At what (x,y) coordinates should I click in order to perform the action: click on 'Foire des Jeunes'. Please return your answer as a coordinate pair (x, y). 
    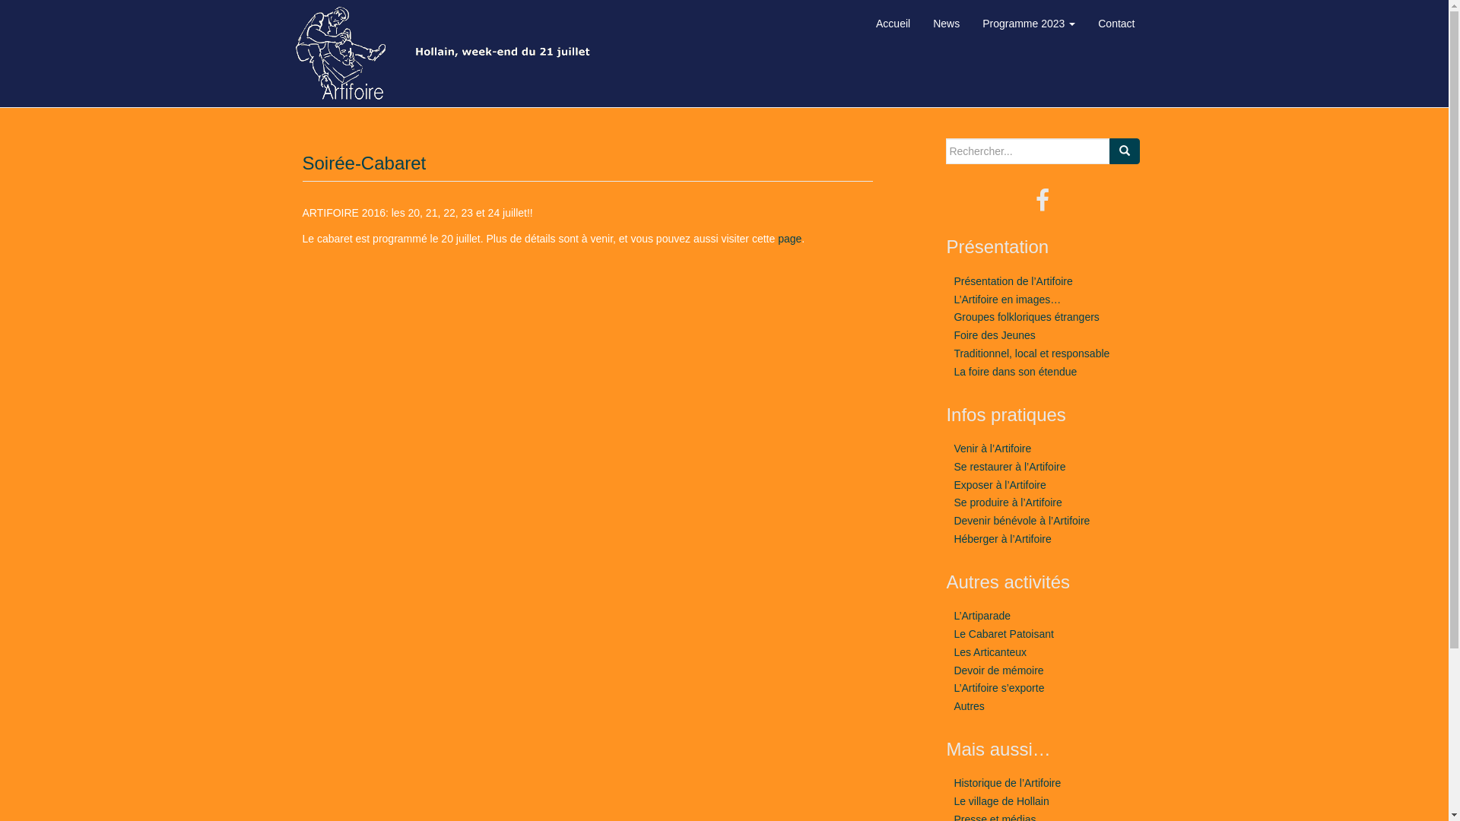
    Looking at the image, I should click on (994, 334).